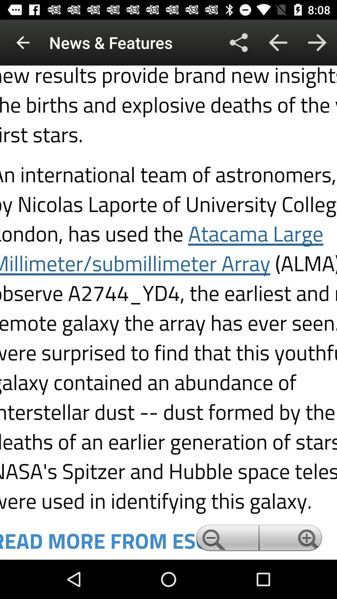 The height and width of the screenshot is (599, 337). Describe the element at coordinates (168, 313) in the screenshot. I see `link button` at that location.